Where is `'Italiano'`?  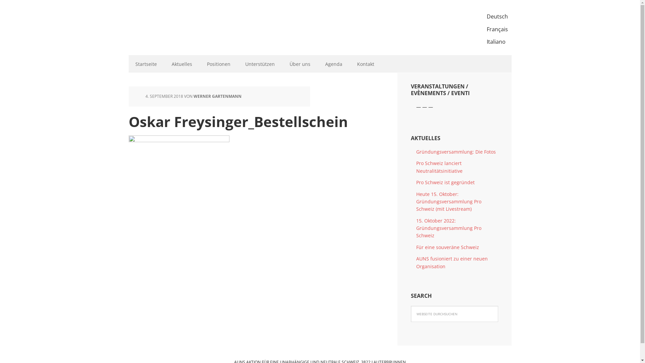
'Italiano' is located at coordinates (483, 42).